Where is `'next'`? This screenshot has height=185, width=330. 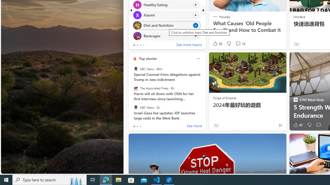
'next' is located at coordinates (203, 10).